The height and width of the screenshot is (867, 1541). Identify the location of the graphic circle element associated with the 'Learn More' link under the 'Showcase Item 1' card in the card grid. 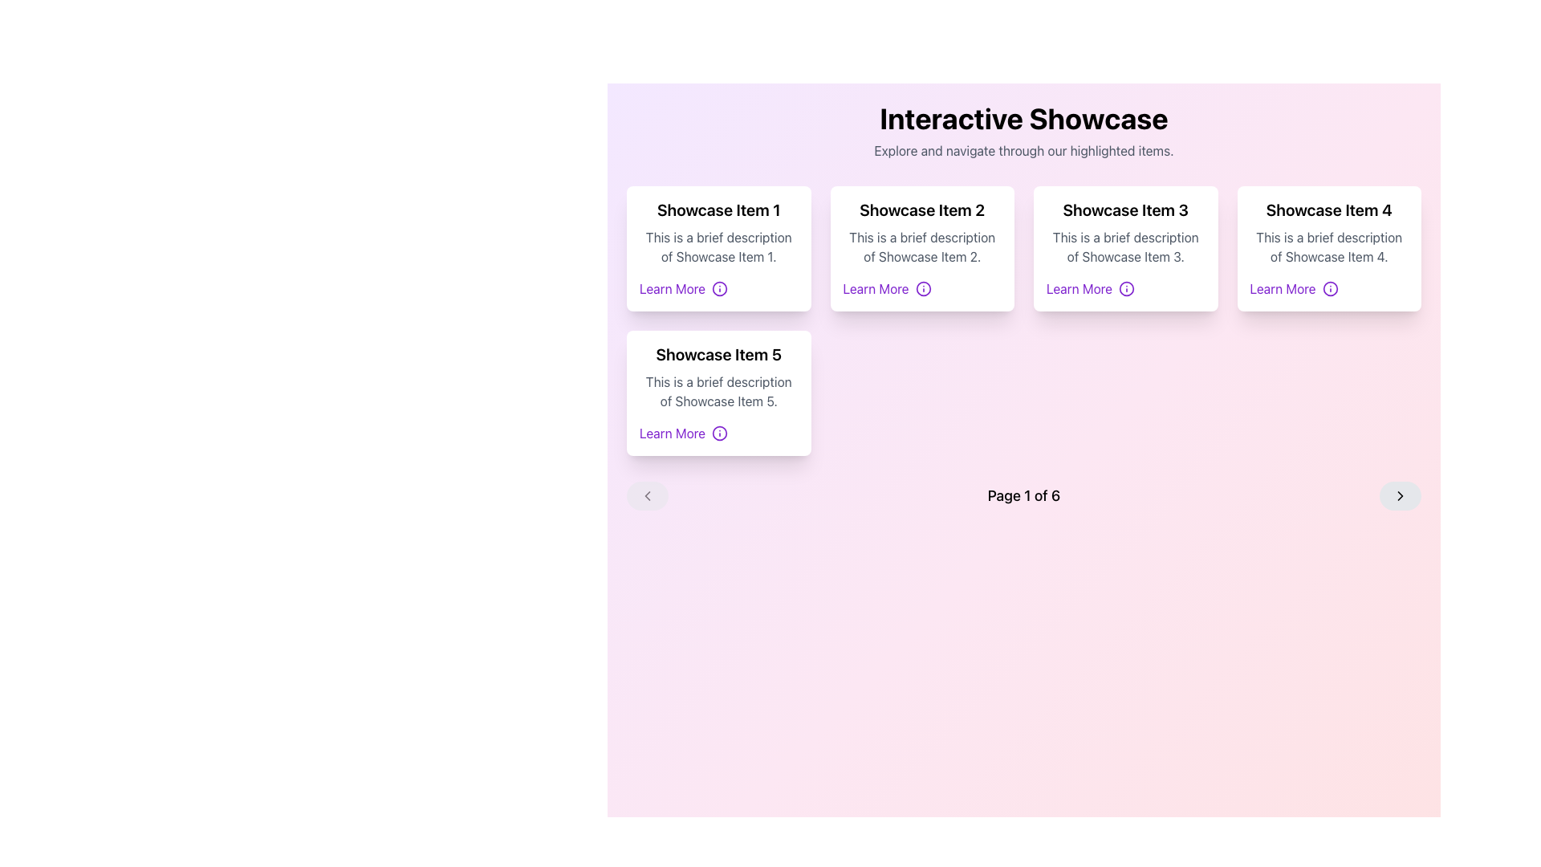
(719, 287).